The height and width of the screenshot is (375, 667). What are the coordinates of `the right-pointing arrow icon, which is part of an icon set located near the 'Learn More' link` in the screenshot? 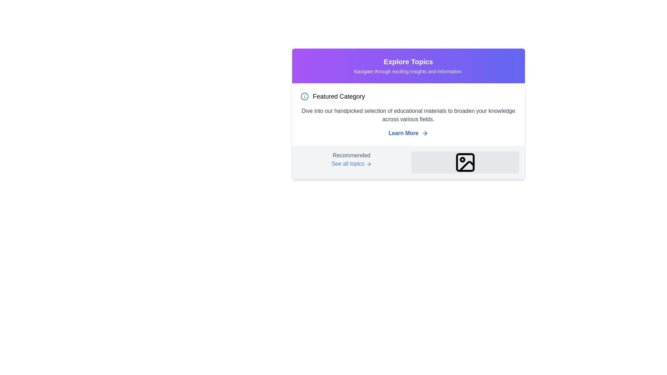 It's located at (425, 133).